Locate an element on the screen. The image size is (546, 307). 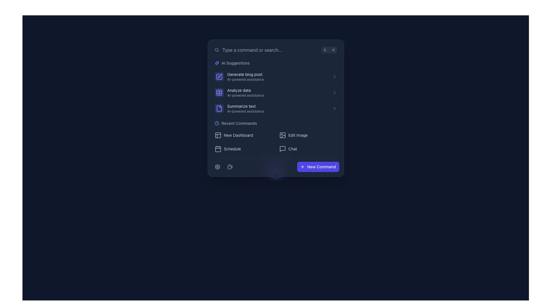
the AI Suggestions button is located at coordinates (276, 77).